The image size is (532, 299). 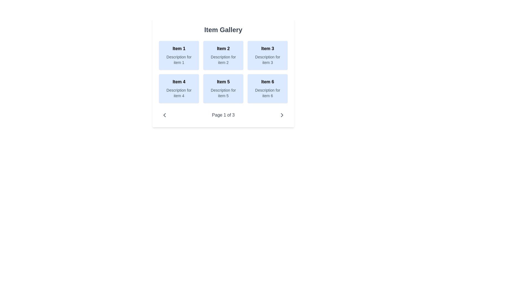 I want to click on the static text label that serves as the title for the third item card in the first row of a grid layout, so click(x=267, y=48).